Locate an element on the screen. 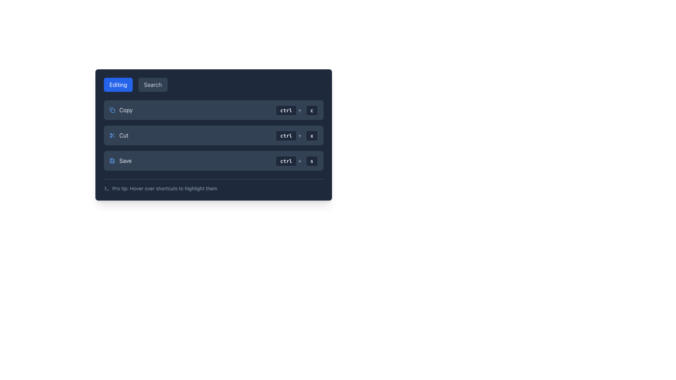 This screenshot has width=676, height=380. the small blue square icon that resembles a copy symbol, located to the left of the 'Copy' label is located at coordinates (112, 110).